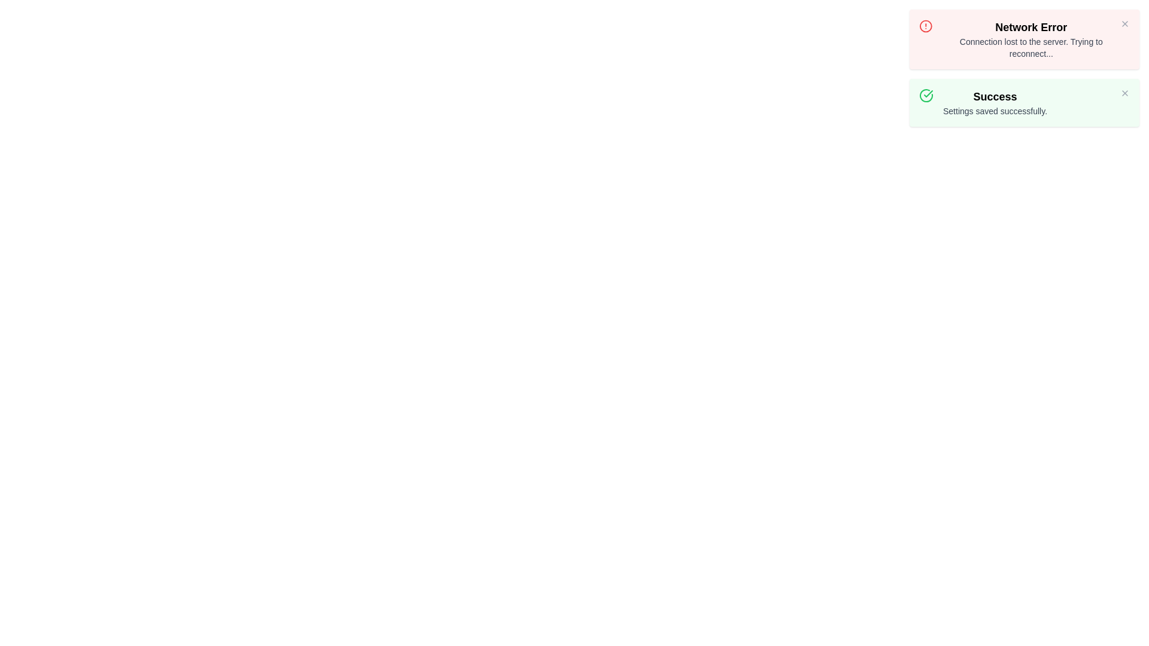  What do you see at coordinates (995, 102) in the screenshot?
I see `success message displayed in the text display box, which includes the title 'Success' and the description 'Settings saved successfully.'` at bounding box center [995, 102].